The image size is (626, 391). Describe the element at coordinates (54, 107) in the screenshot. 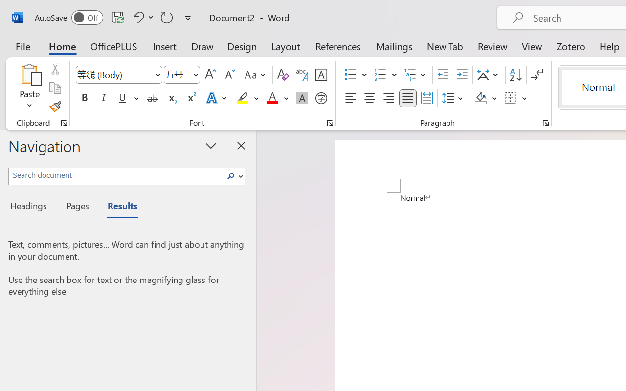

I see `'Format Painter'` at that location.